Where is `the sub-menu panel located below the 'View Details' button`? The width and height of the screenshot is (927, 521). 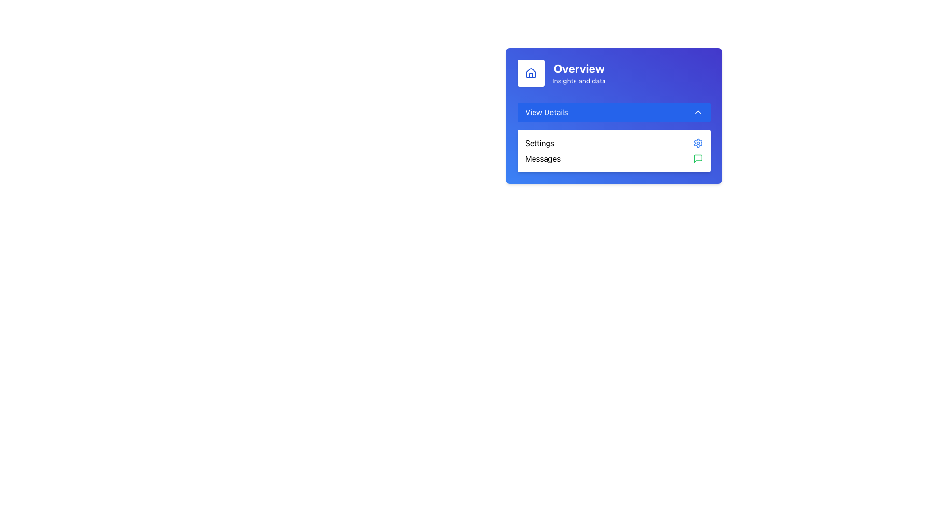
the sub-menu panel located below the 'View Details' button is located at coordinates (614, 133).